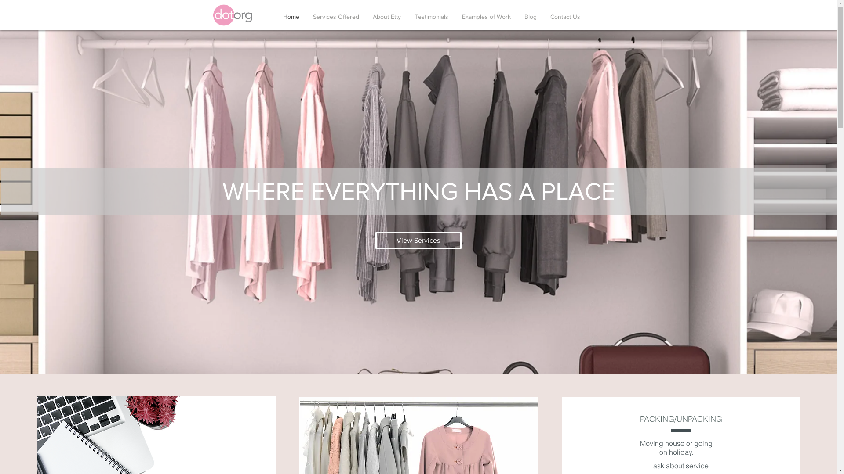  I want to click on 'Contact Us', so click(565, 17).